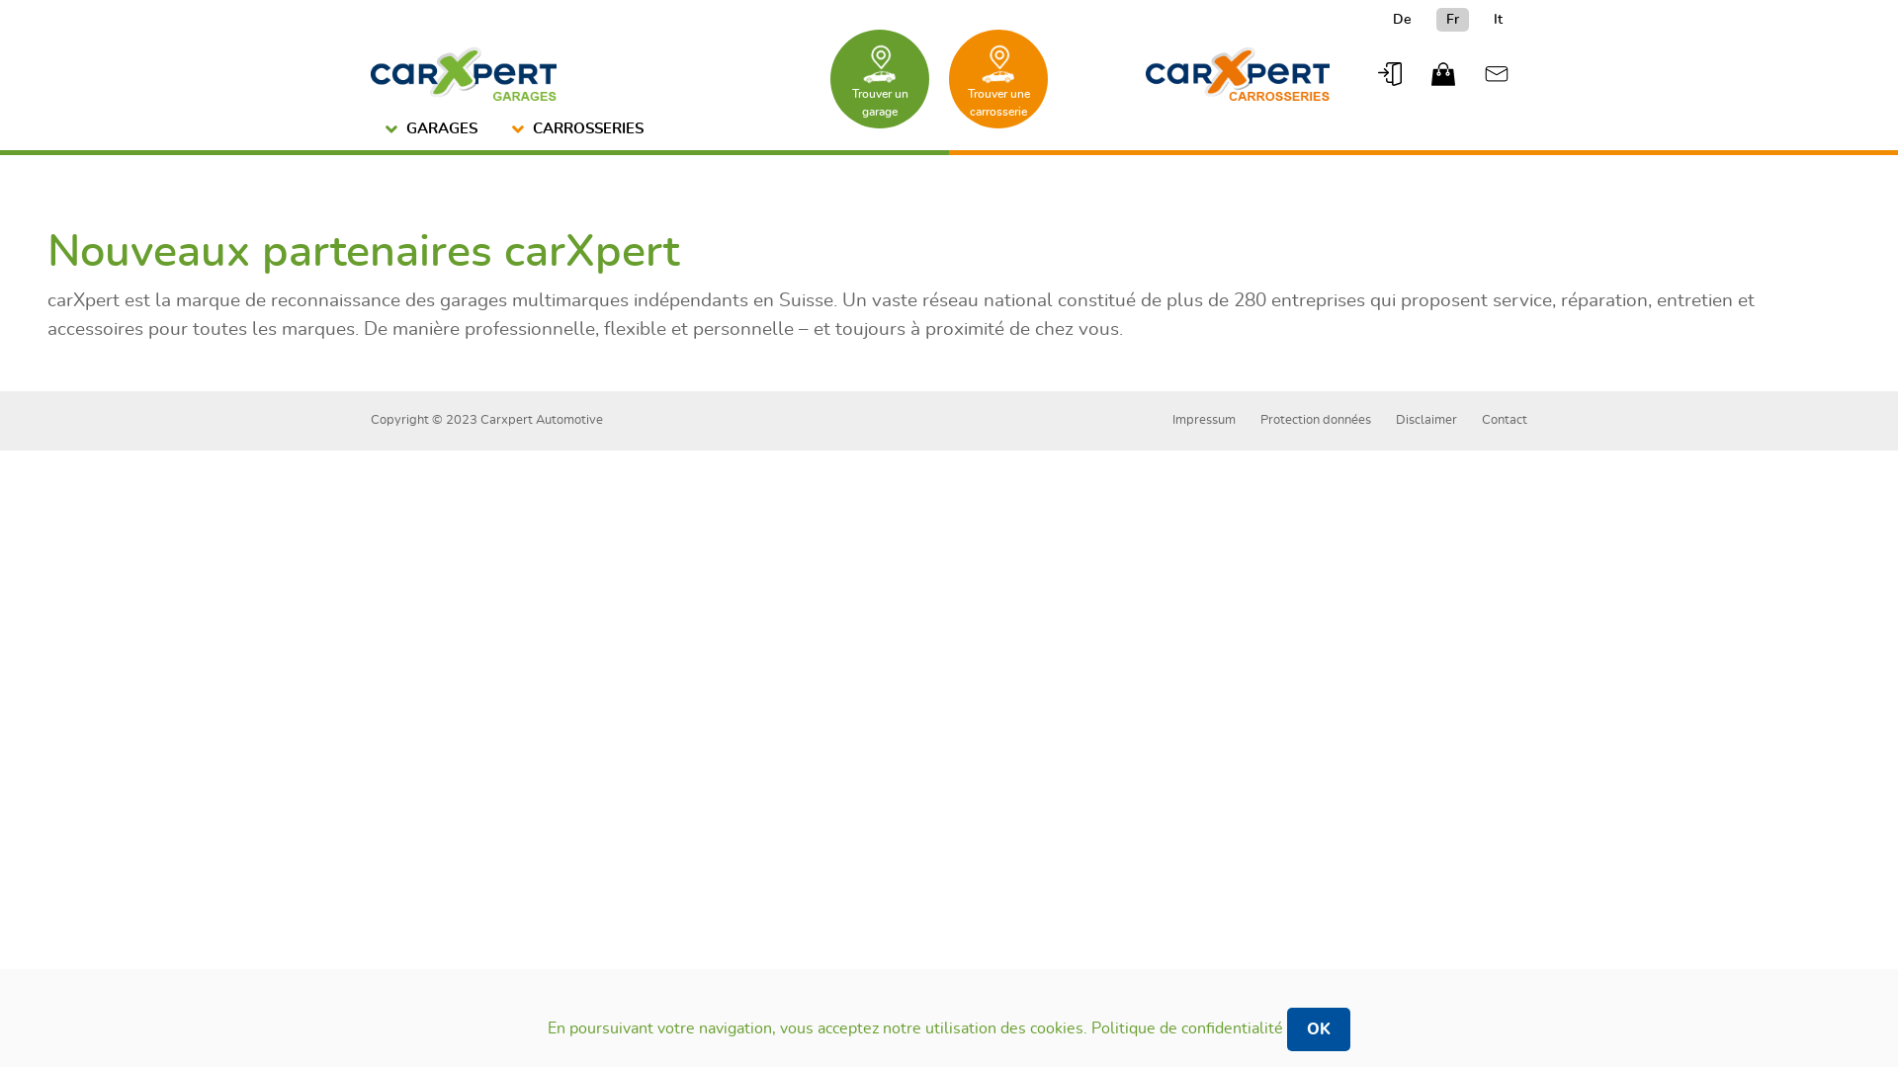 The width and height of the screenshot is (1898, 1067). Describe the element at coordinates (878, 78) in the screenshot. I see `'Trouver un garage'` at that location.